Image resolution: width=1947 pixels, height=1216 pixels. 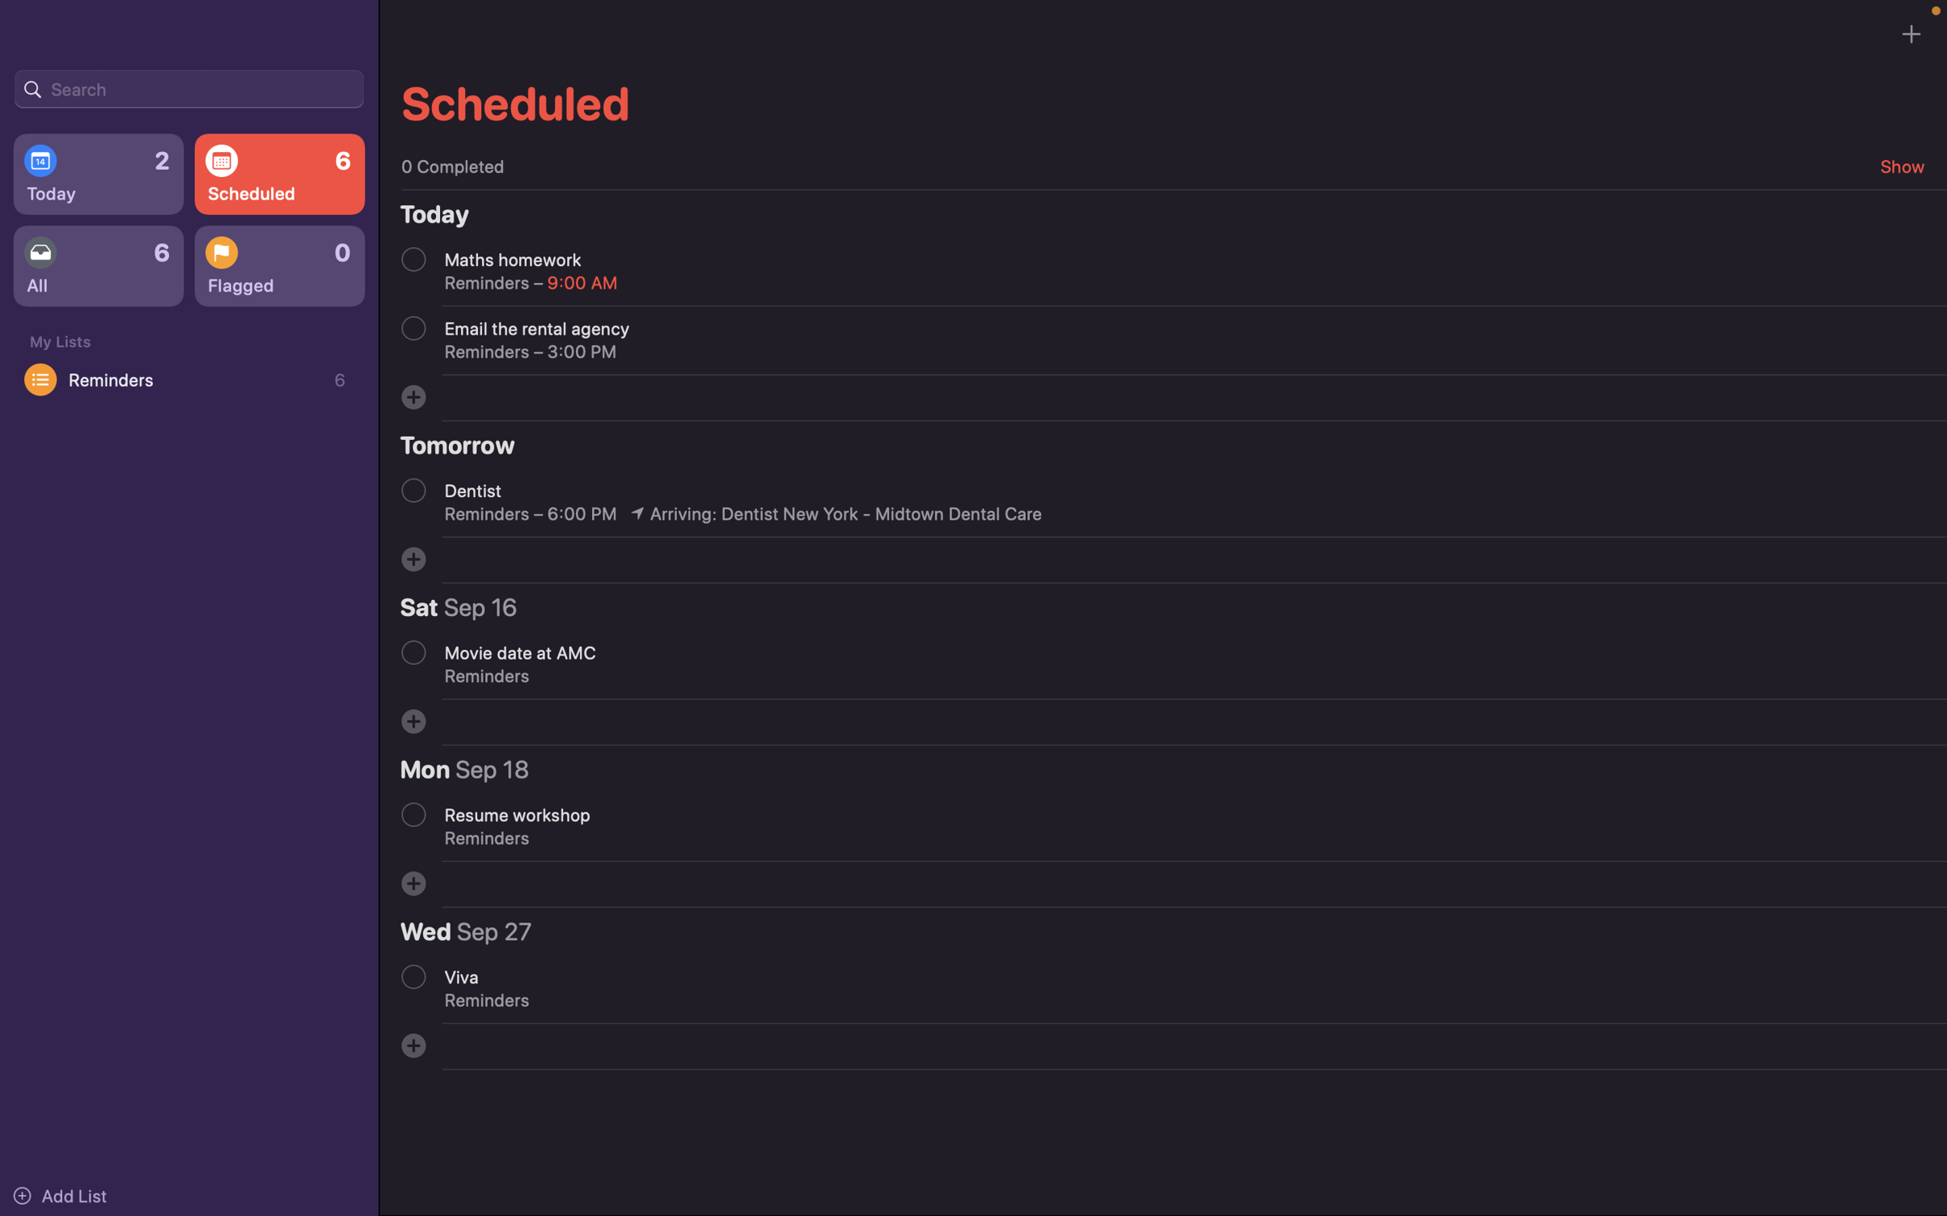 What do you see at coordinates (188, 87) in the screenshot?
I see `Locate and display all events scheduled for 2022` at bounding box center [188, 87].